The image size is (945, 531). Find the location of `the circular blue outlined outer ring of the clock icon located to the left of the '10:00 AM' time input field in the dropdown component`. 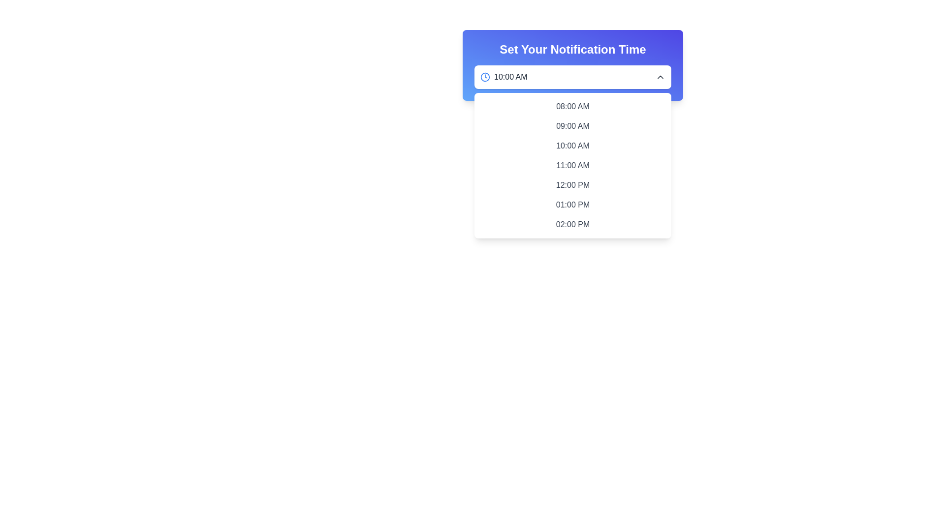

the circular blue outlined outer ring of the clock icon located to the left of the '10:00 AM' time input field in the dropdown component is located at coordinates (485, 77).